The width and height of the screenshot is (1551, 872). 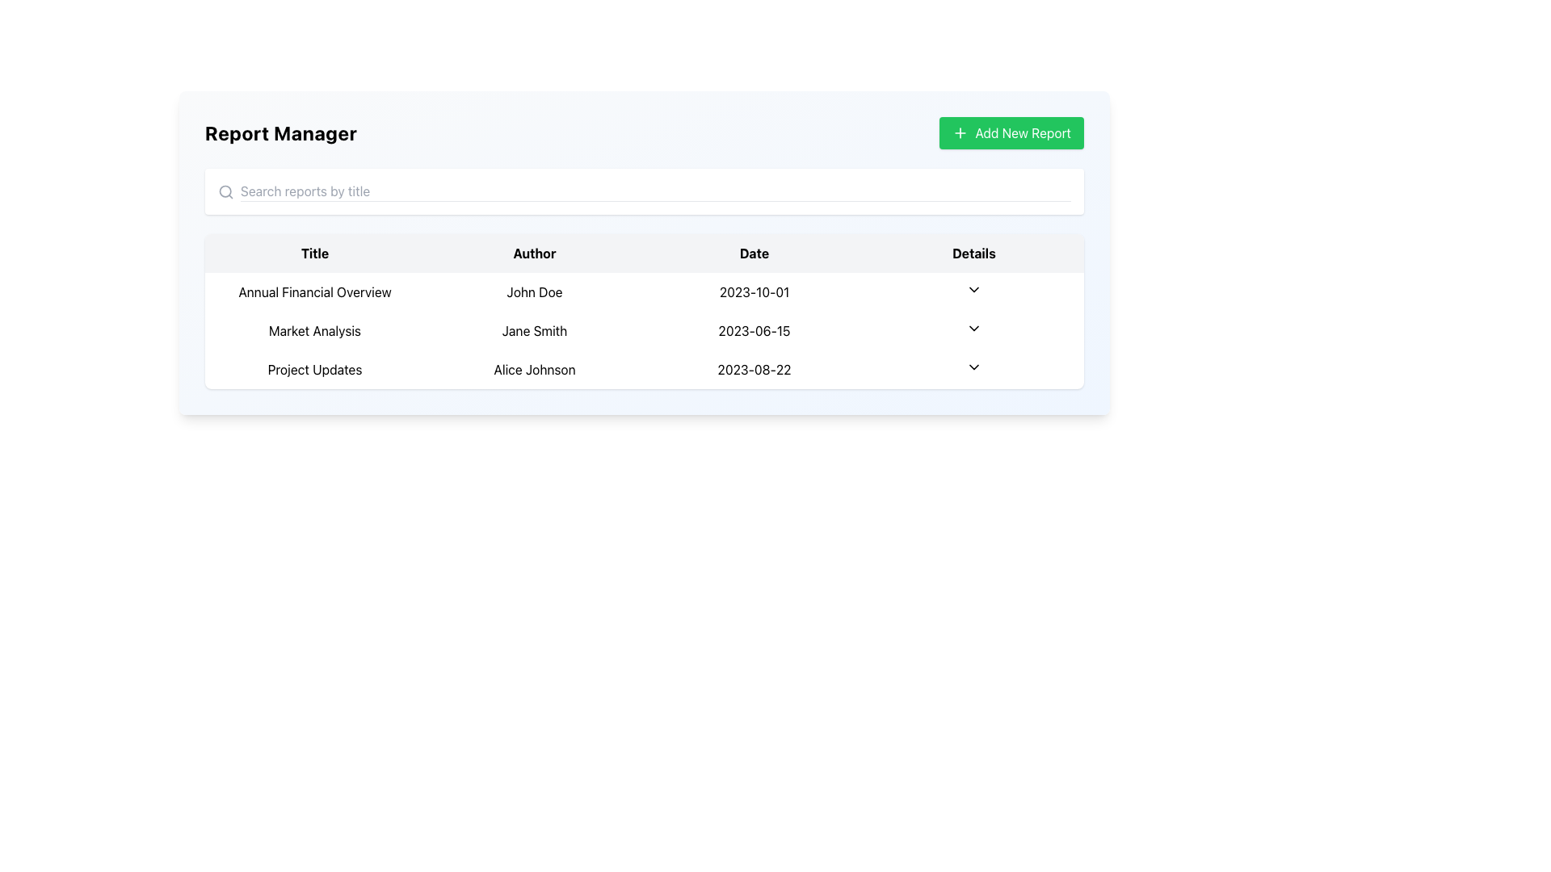 I want to click on the Chevron Icon located in the 'Details' column of the second row of the table, so click(x=973, y=328).